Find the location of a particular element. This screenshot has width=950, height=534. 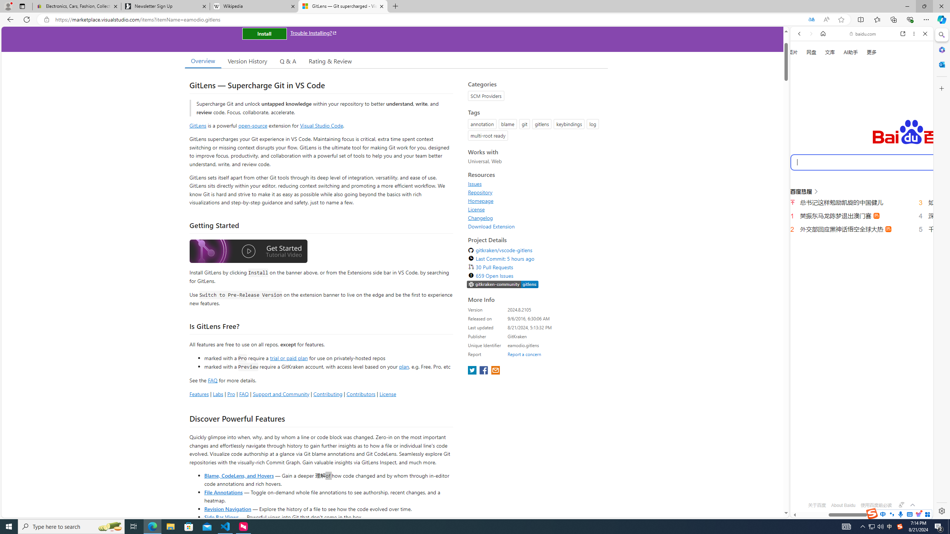

'Q & A' is located at coordinates (288, 61).